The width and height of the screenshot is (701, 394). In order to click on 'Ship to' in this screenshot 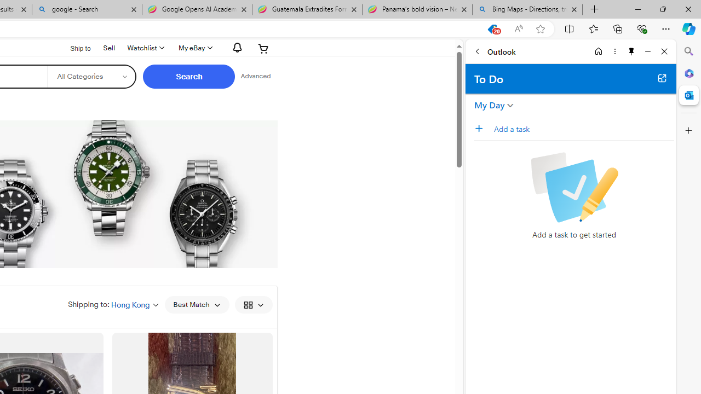, I will do `click(73, 48)`.